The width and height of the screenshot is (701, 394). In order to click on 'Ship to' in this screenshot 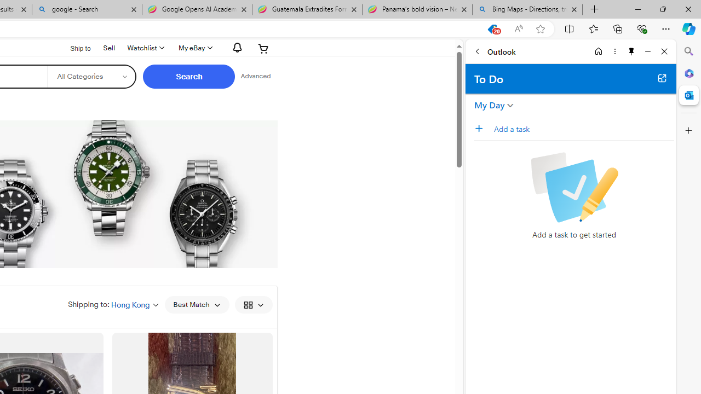, I will do `click(73, 48)`.